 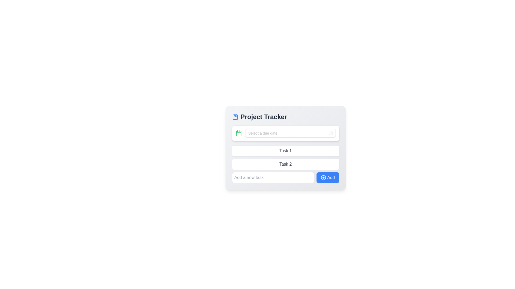 What do you see at coordinates (238, 133) in the screenshot?
I see `the green calendar icon located to the left of the input field labeled 'Select a due date' in the Project Tracker card interface` at bounding box center [238, 133].